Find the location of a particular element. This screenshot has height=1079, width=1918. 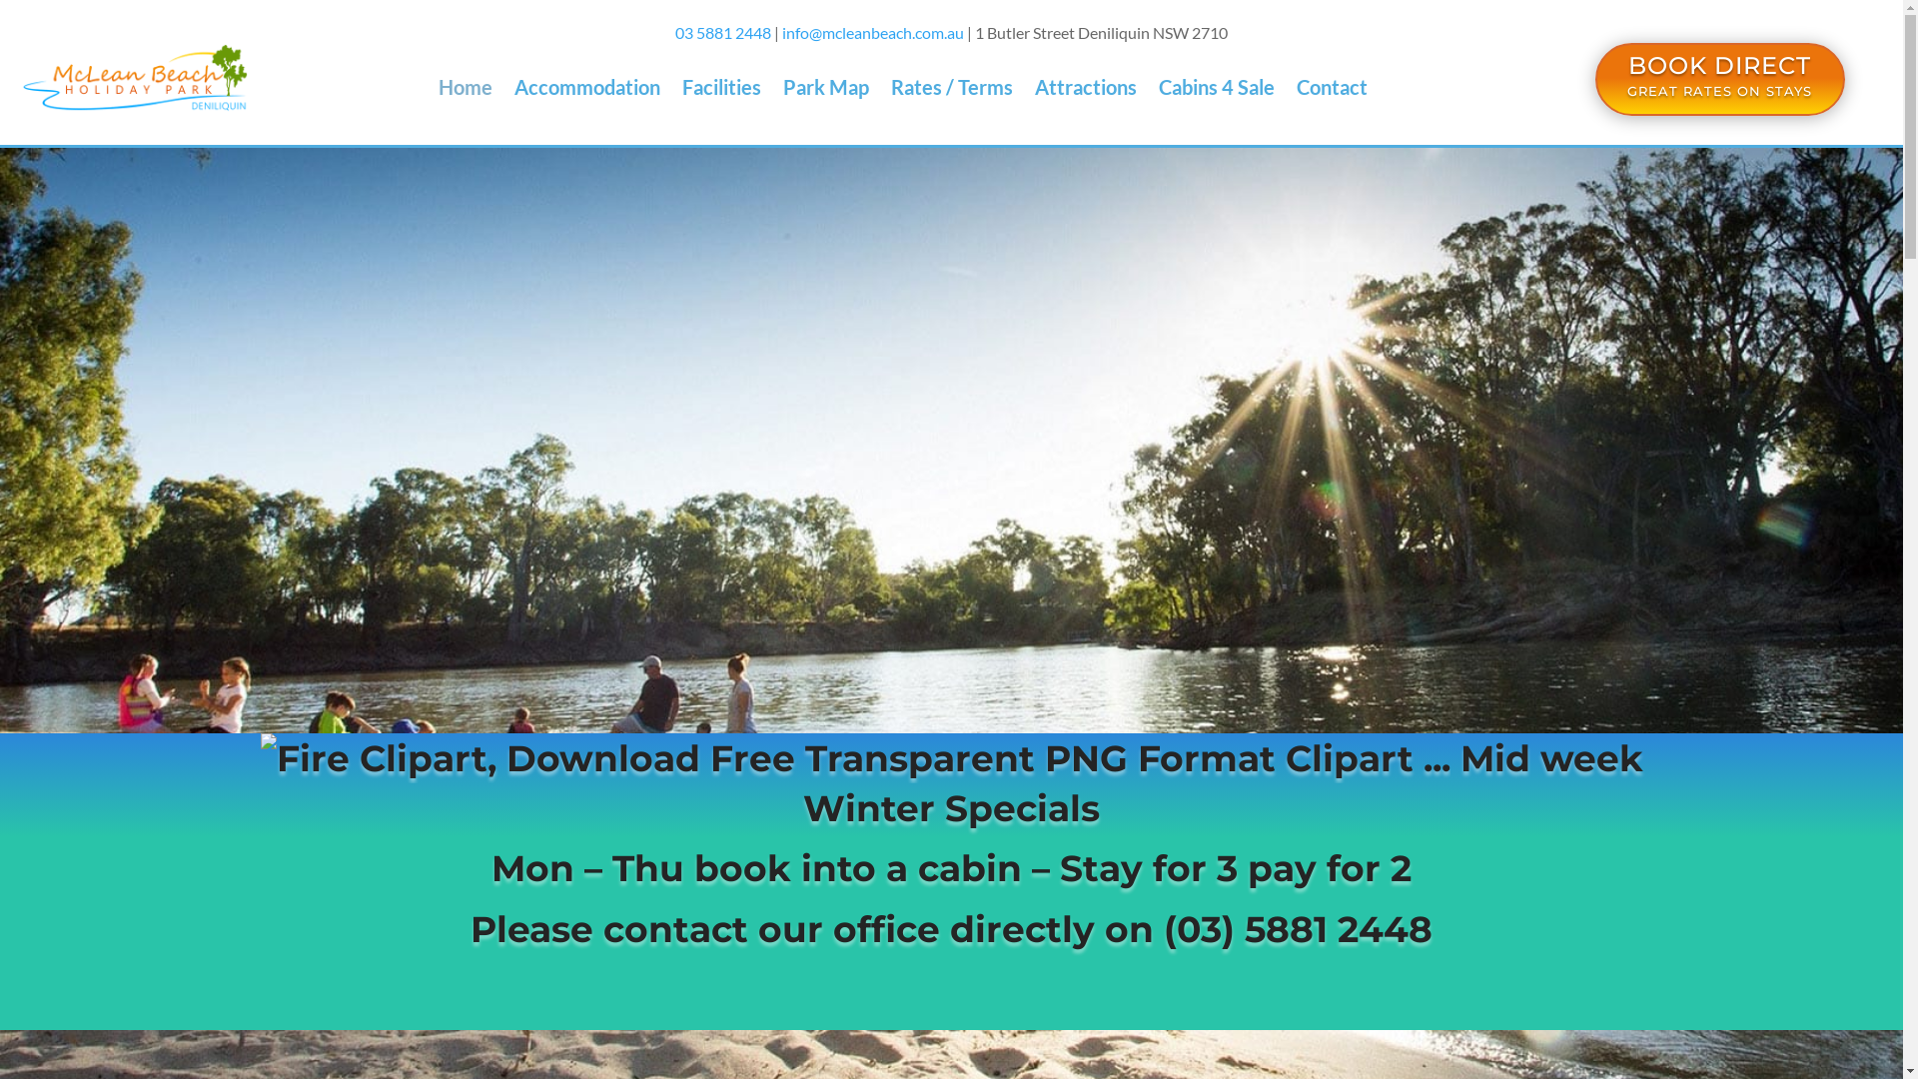

'Cabins 4 Sale' is located at coordinates (1159, 91).